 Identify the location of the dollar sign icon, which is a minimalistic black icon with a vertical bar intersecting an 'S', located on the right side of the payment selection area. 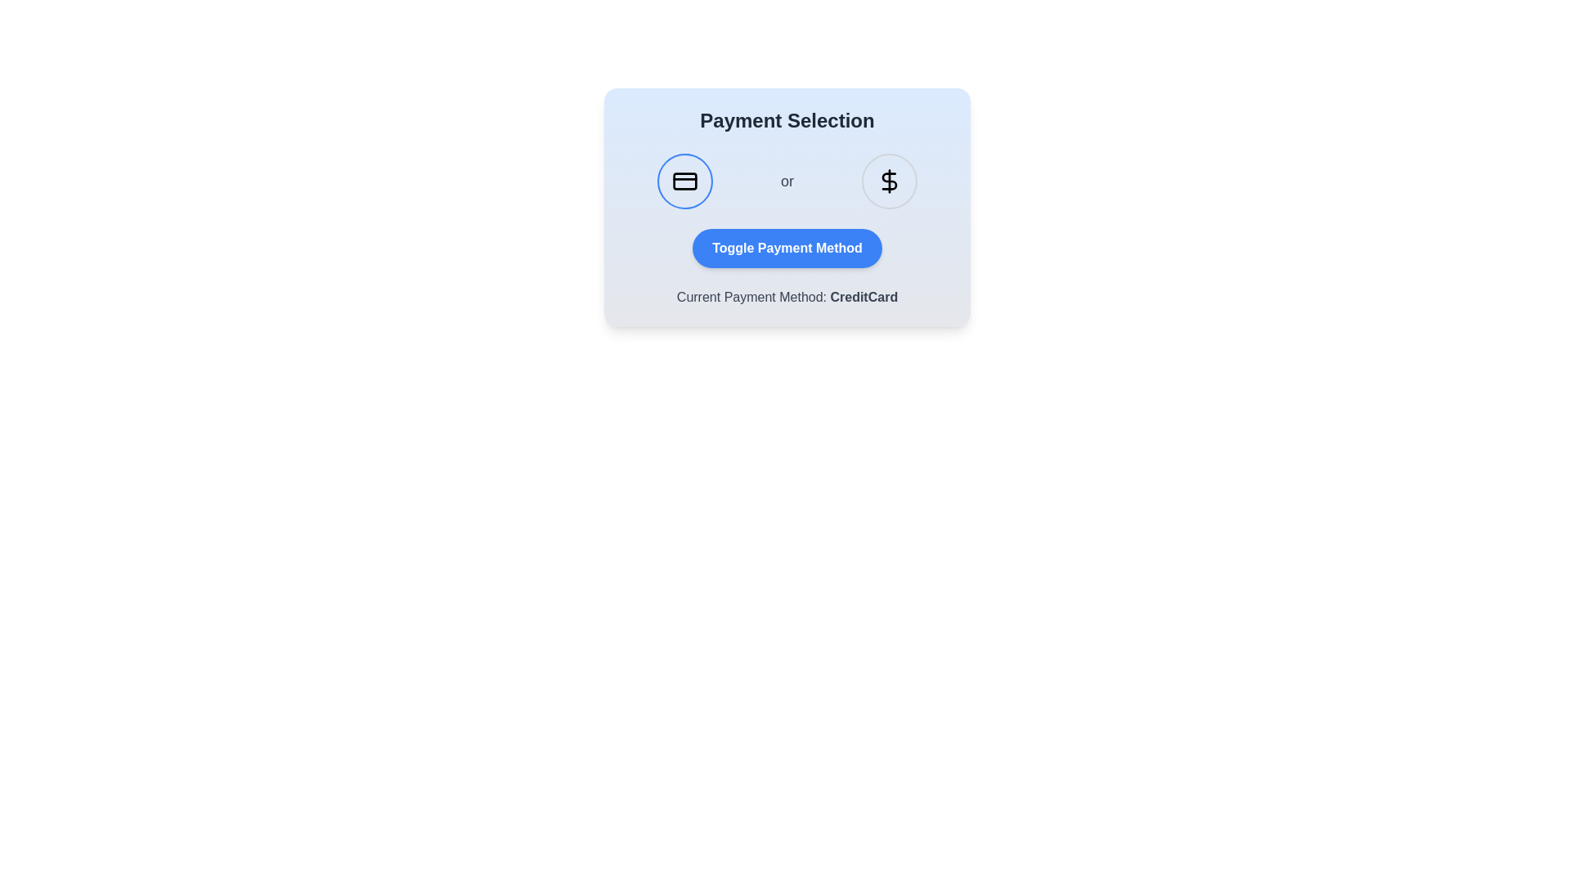
(888, 182).